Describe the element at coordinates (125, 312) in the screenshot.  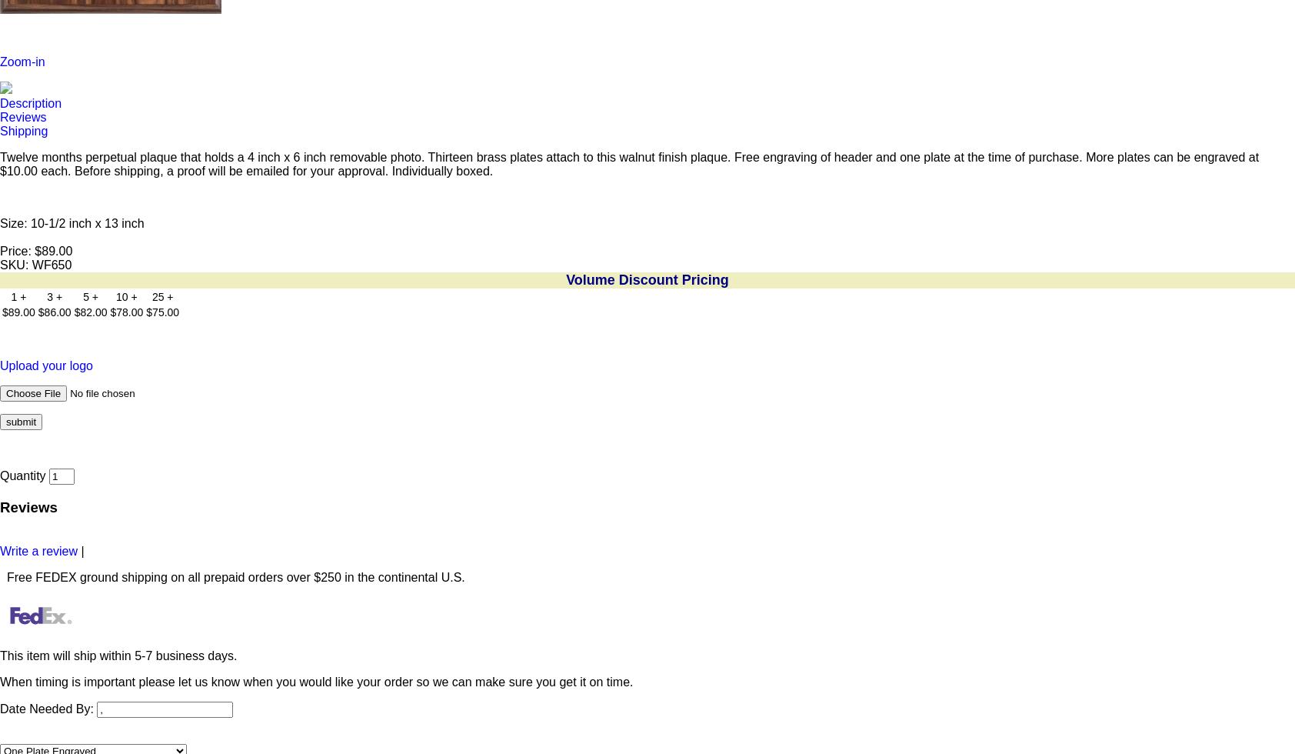
I see `'$78.00'` at that location.